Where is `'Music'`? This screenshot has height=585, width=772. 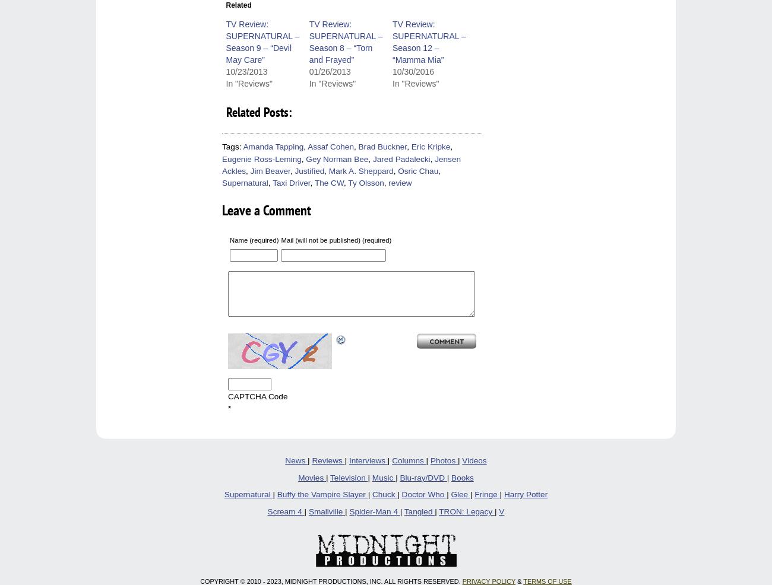 'Music' is located at coordinates (371, 477).